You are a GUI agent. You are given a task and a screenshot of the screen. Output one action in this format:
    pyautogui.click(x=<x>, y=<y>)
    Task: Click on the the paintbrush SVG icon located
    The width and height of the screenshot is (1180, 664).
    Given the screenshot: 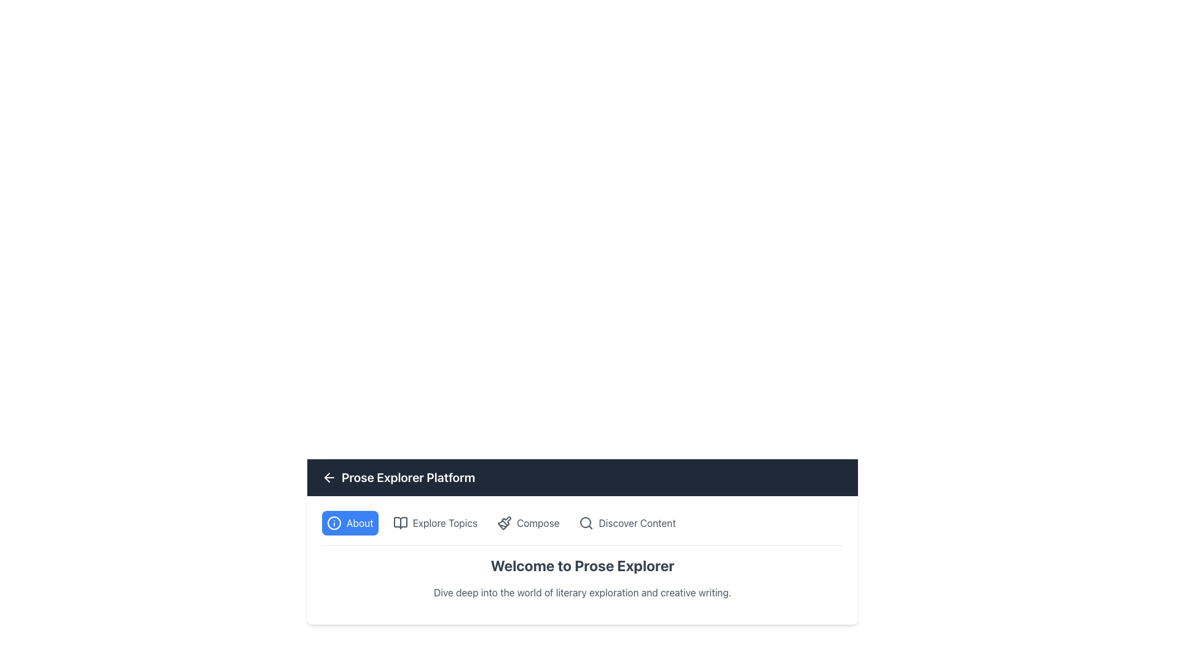 What is the action you would take?
    pyautogui.click(x=506, y=521)
    